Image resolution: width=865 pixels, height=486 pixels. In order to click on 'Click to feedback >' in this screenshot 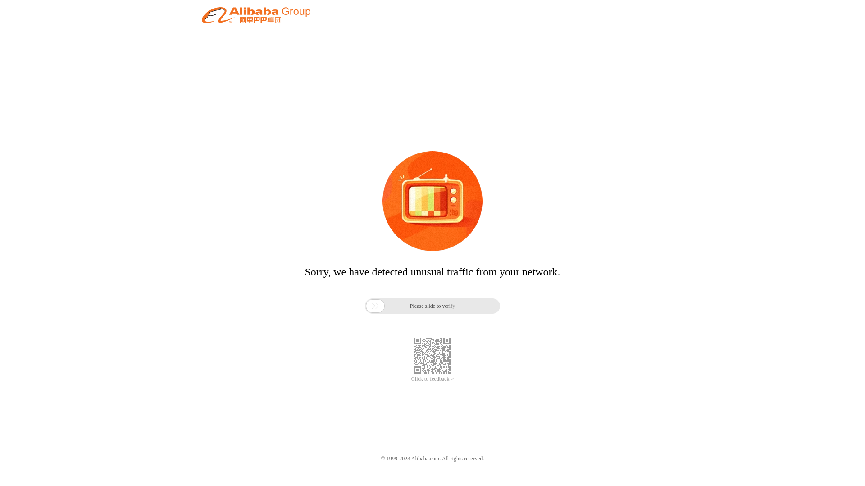, I will do `click(432, 379)`.